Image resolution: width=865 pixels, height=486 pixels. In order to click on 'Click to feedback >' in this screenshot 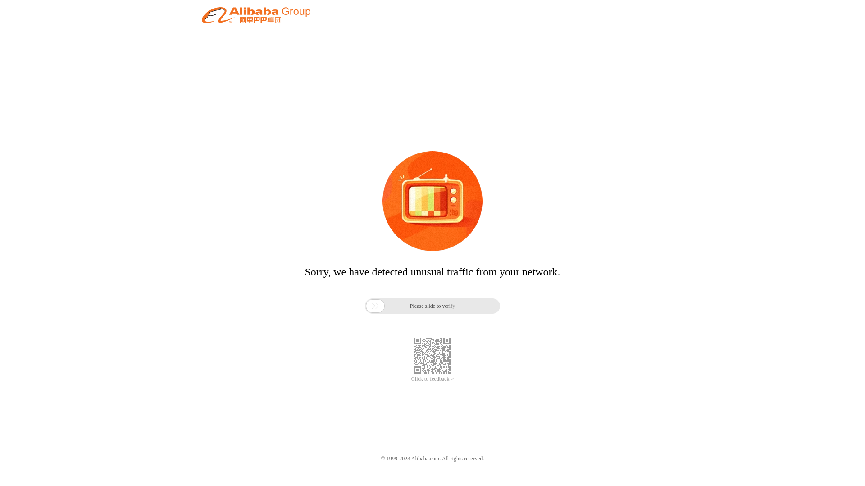, I will do `click(432, 379)`.